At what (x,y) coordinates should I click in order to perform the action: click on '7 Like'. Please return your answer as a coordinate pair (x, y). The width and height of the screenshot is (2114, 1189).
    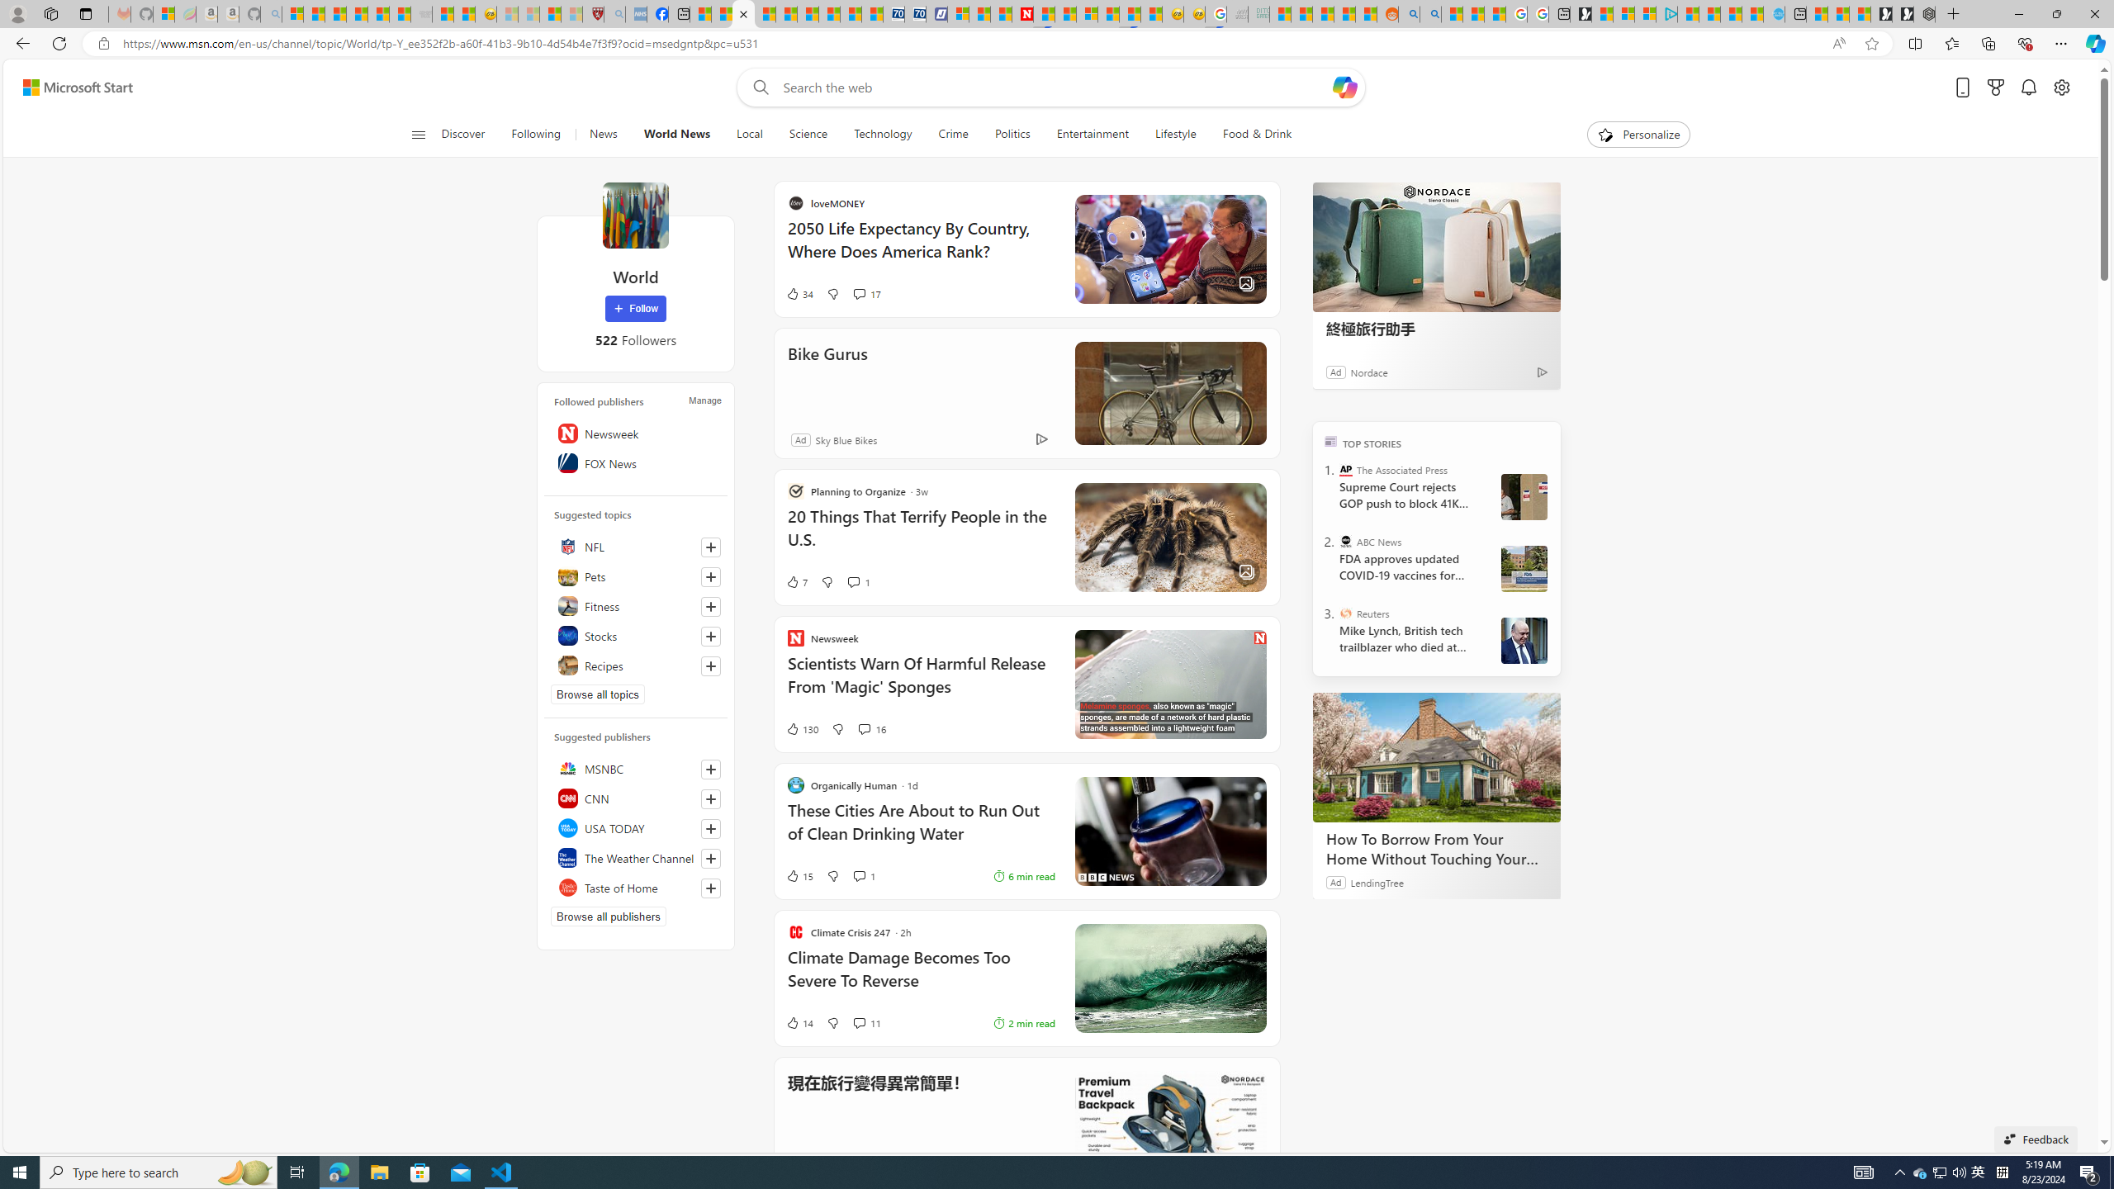
    Looking at the image, I should click on (794, 581).